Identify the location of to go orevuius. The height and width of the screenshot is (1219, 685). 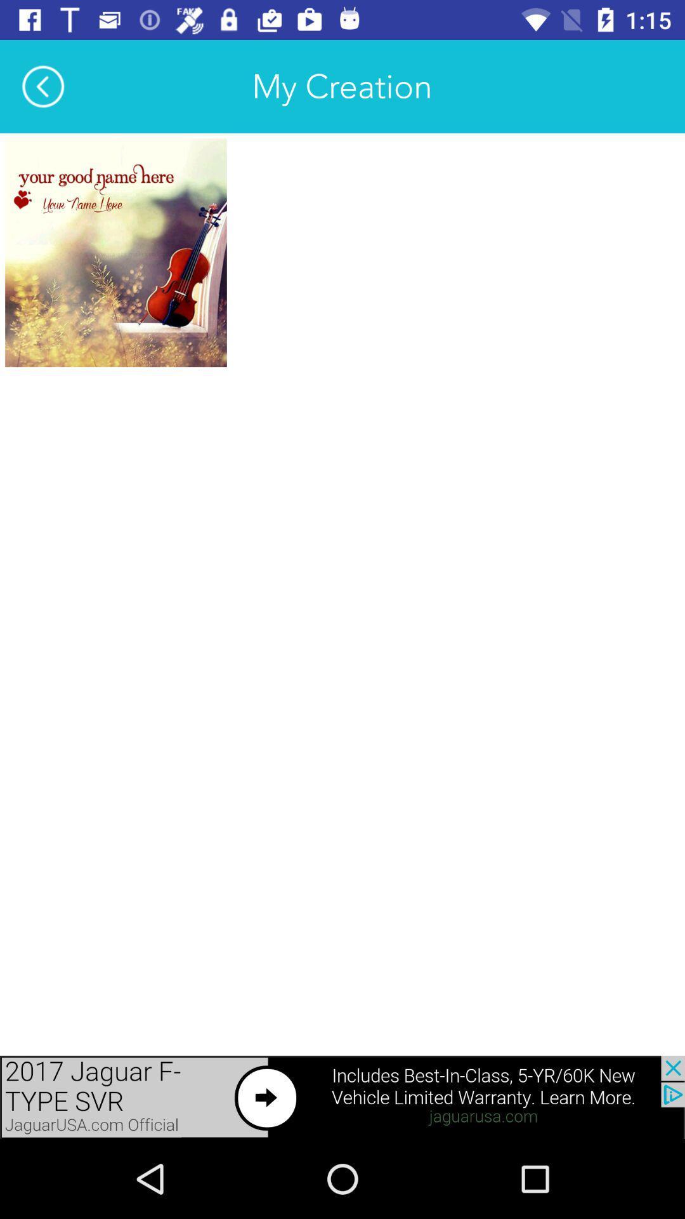
(342, 1096).